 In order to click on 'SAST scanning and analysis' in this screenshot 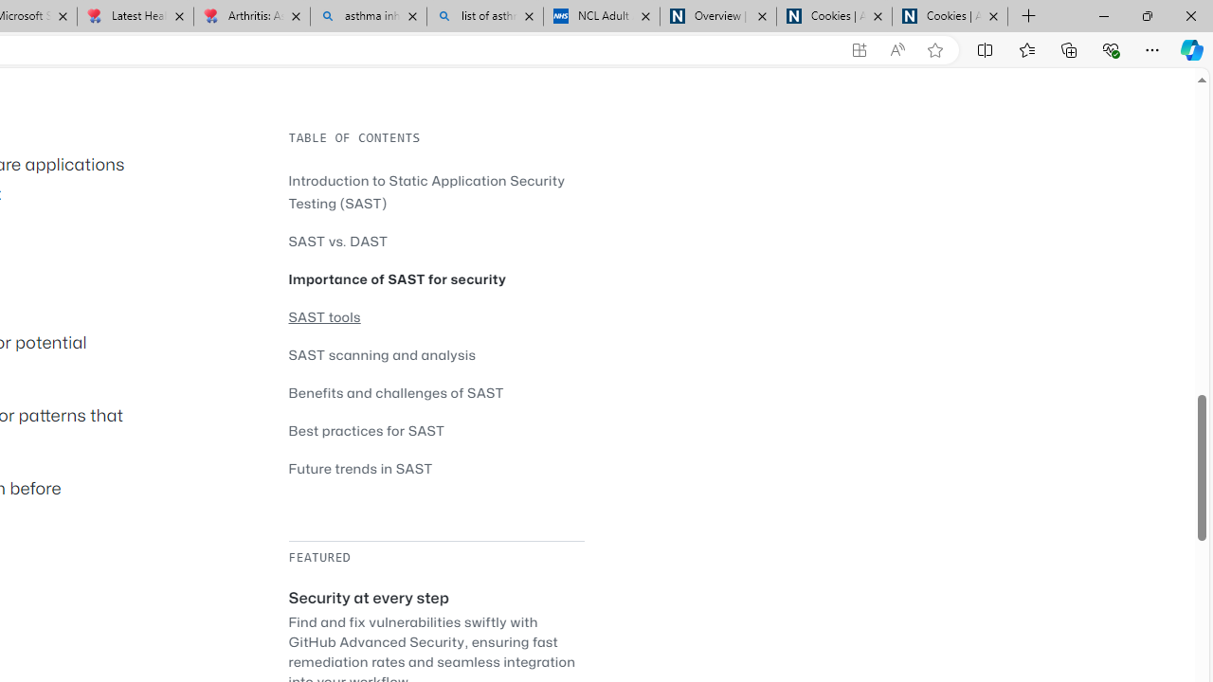, I will do `click(435, 354)`.